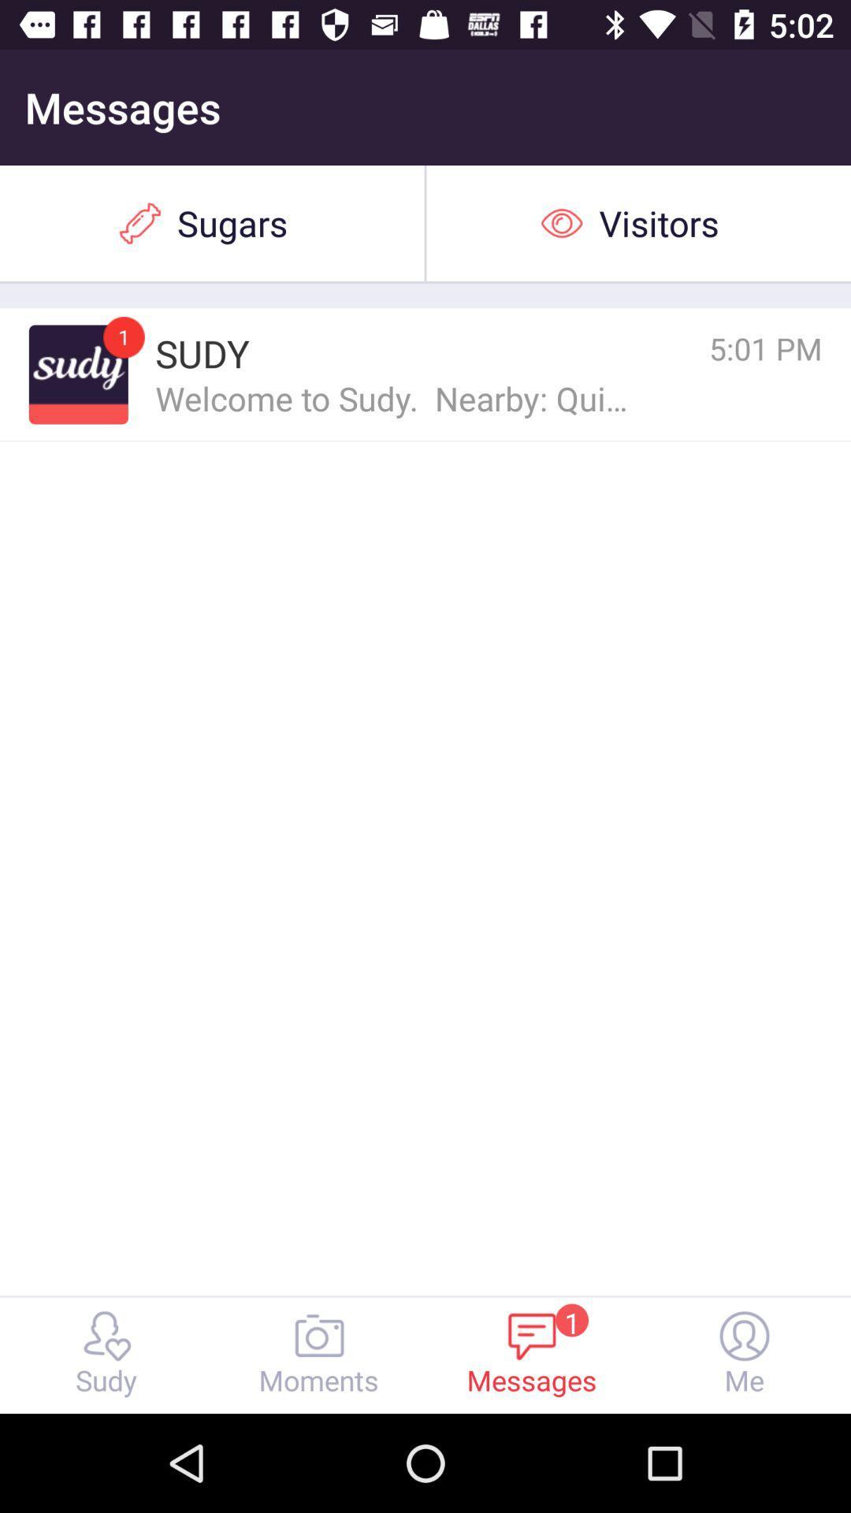 This screenshot has height=1513, width=851. I want to click on item to the left of the sudy item, so click(123, 336).